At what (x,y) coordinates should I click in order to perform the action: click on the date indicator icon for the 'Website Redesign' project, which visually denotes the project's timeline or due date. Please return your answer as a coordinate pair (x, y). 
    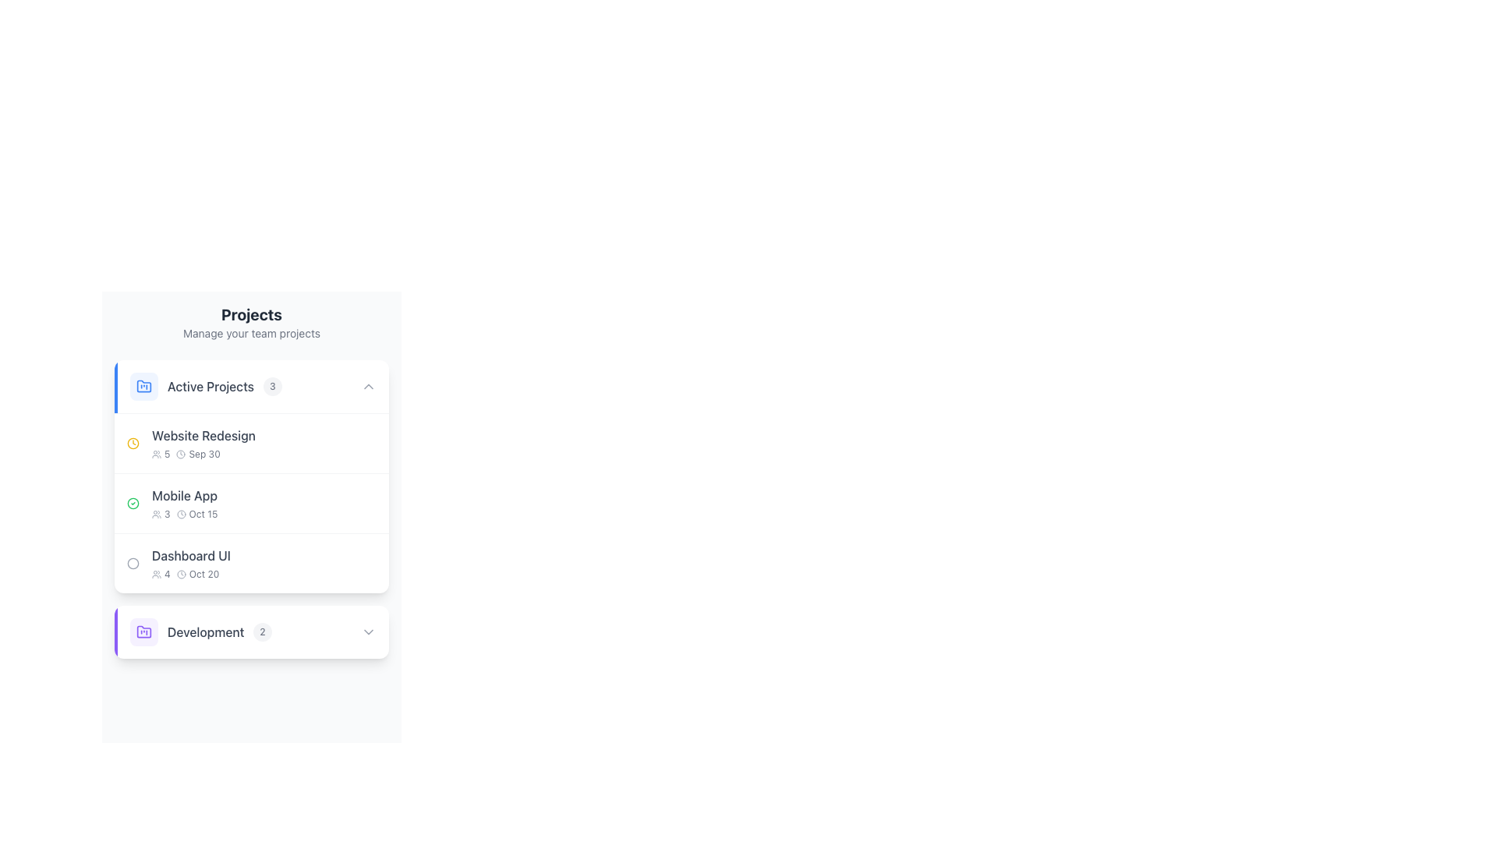
    Looking at the image, I should click on (133, 444).